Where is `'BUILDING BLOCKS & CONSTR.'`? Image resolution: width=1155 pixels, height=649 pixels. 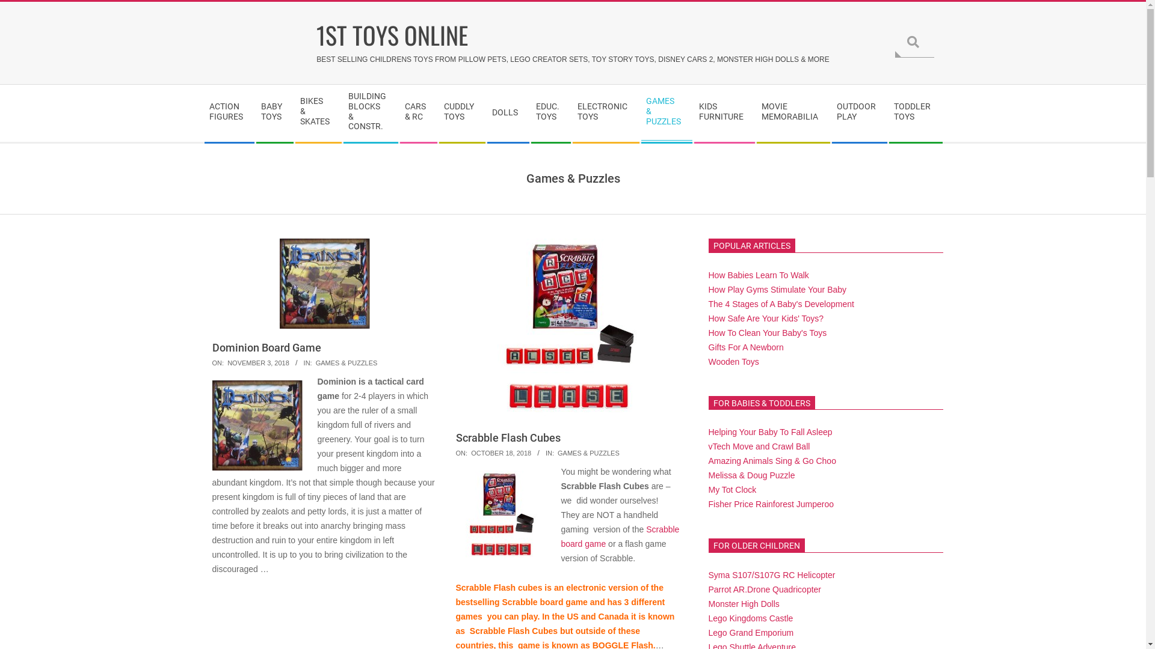
'BUILDING BLOCKS & CONSTR.' is located at coordinates (369, 113).